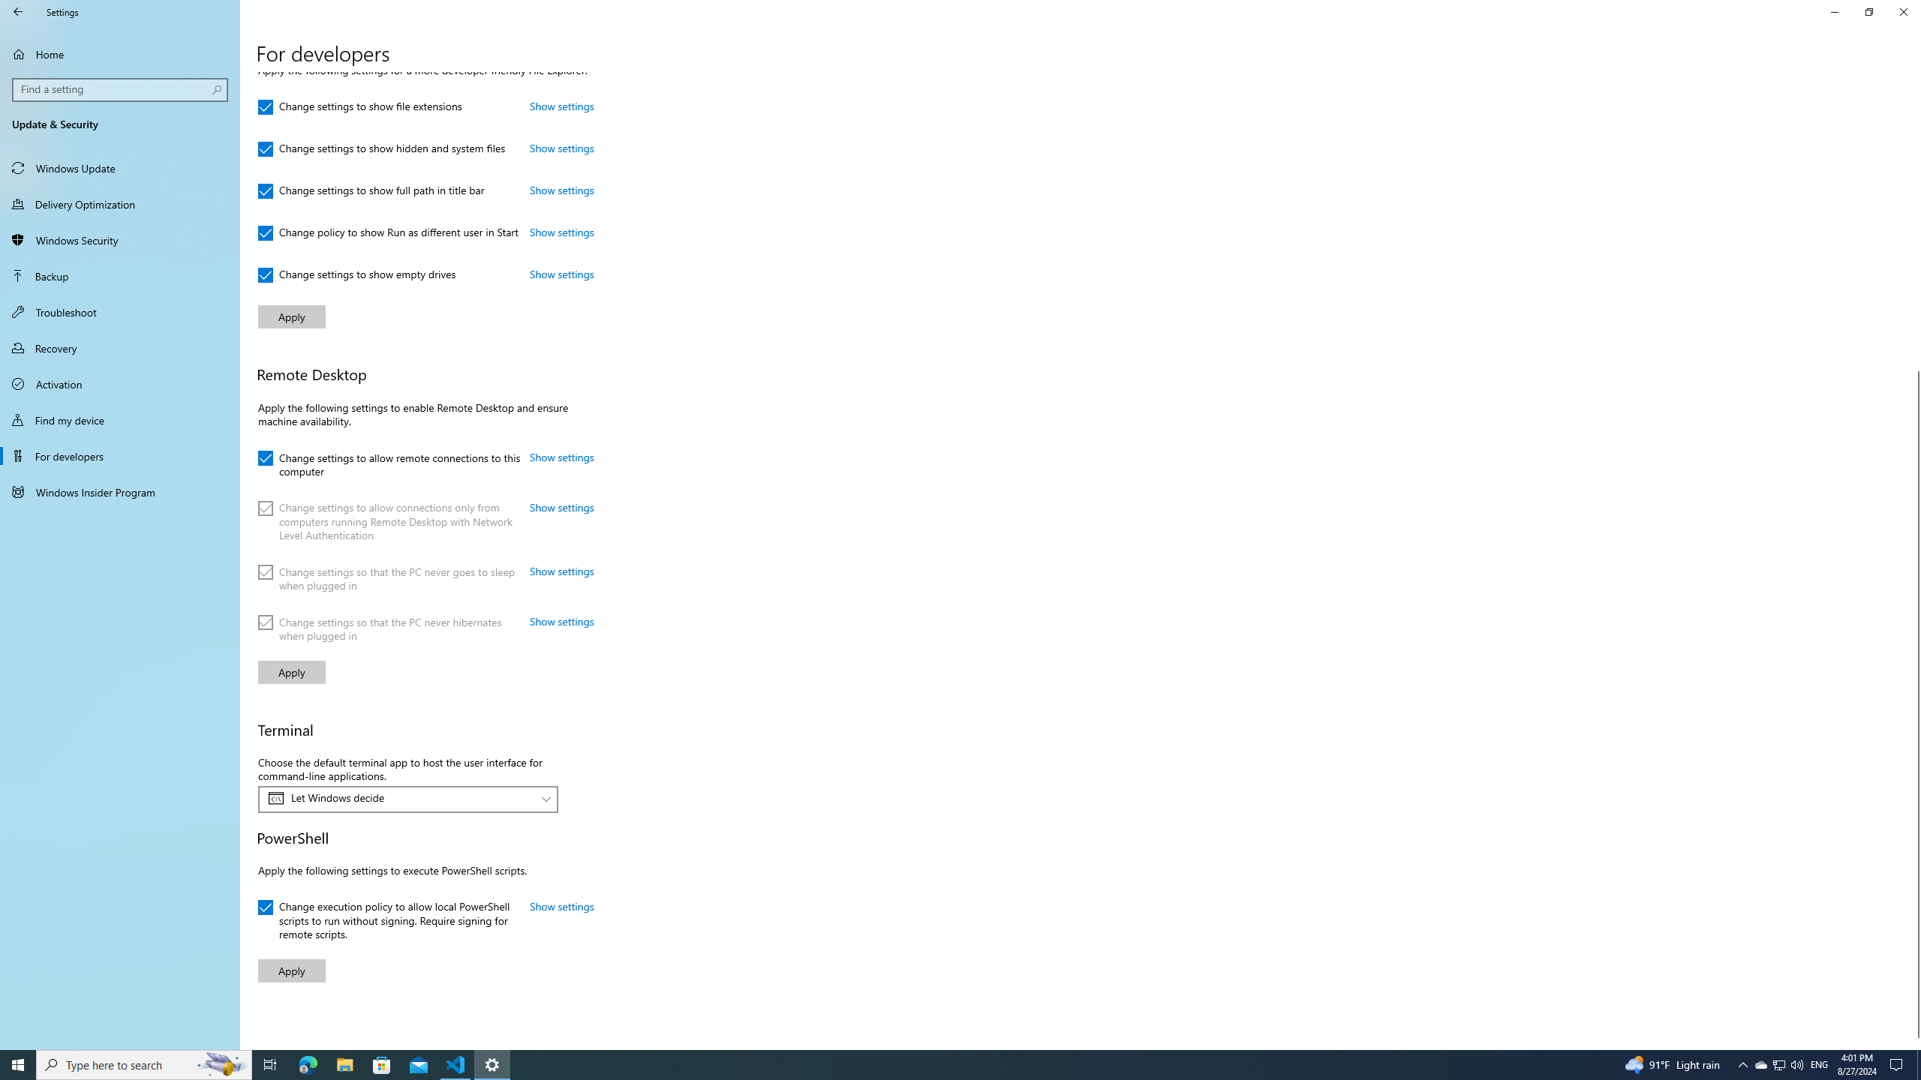 This screenshot has height=1080, width=1921. I want to click on 'Home', so click(119, 54).